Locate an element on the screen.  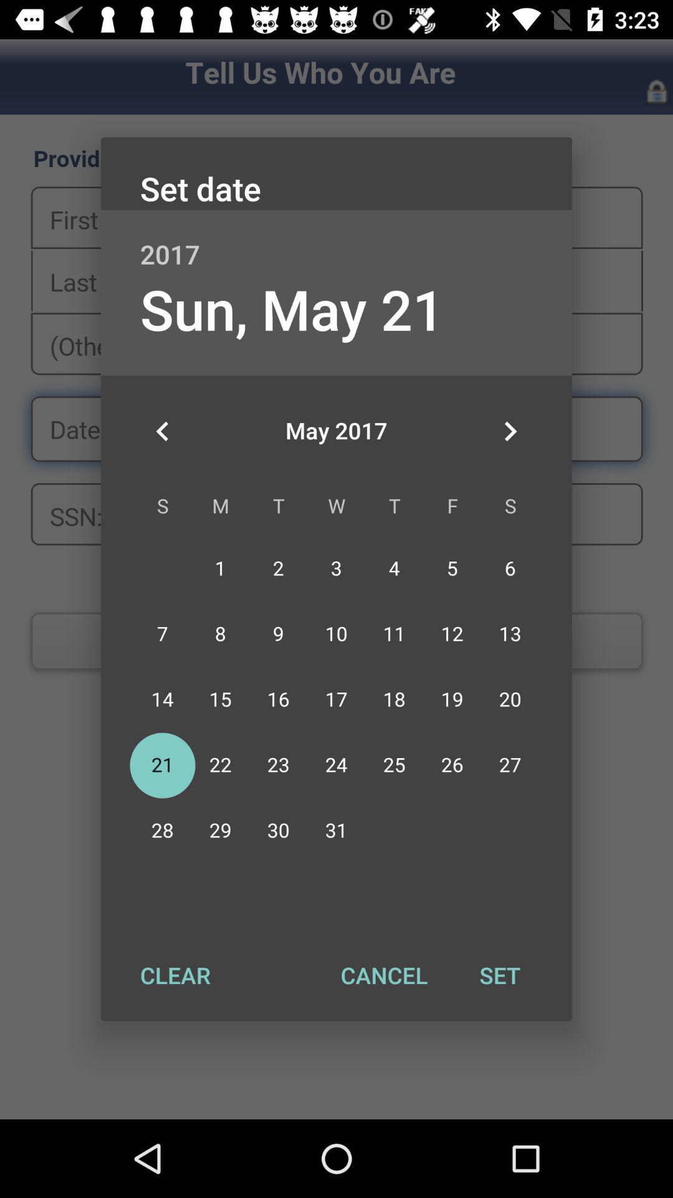
the item above the set is located at coordinates (510, 431).